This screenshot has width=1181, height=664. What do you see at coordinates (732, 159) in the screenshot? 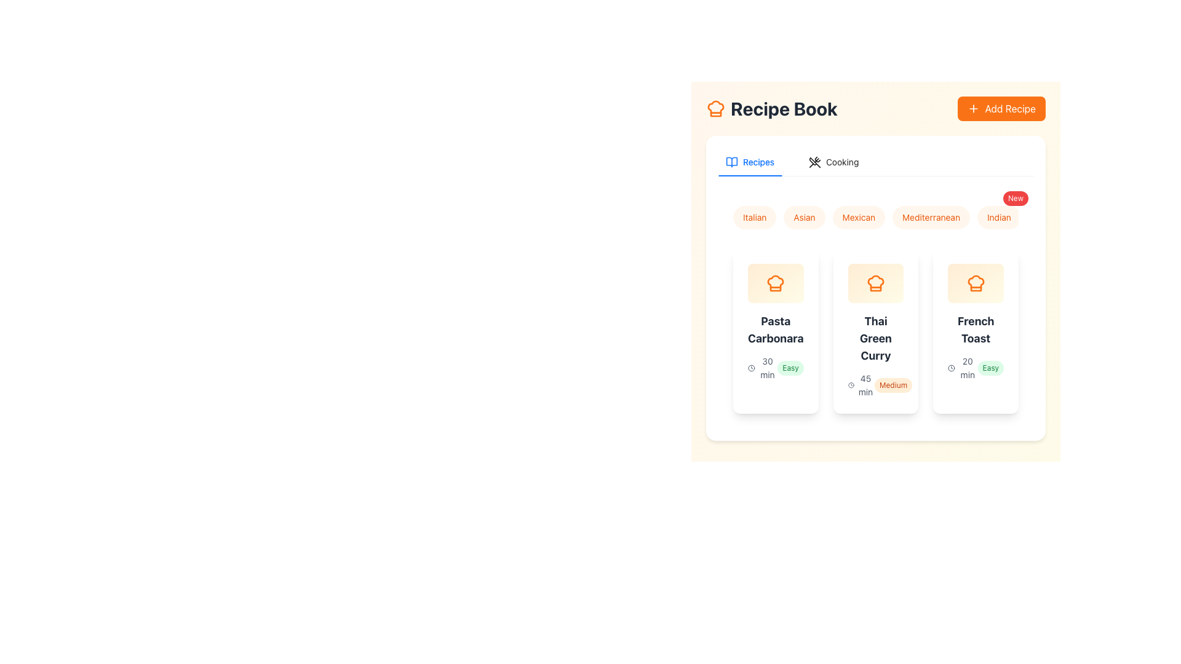
I see `the 'Recipes' tab icon located at the beginning of the navigation tabs, to the left of the text label 'Recipes'` at bounding box center [732, 159].